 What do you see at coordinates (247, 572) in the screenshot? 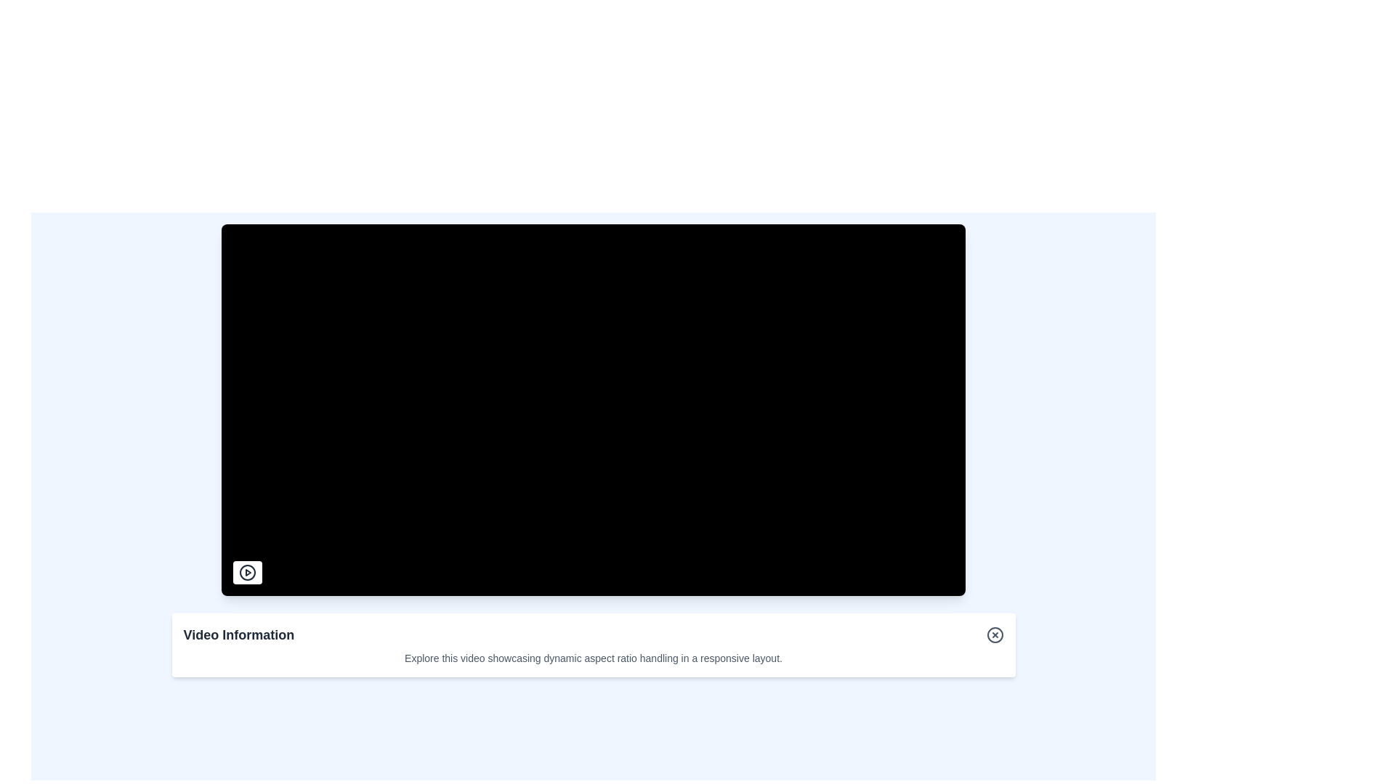
I see `the play control button SVG Icon located at the bottom-left of the video display area` at bounding box center [247, 572].